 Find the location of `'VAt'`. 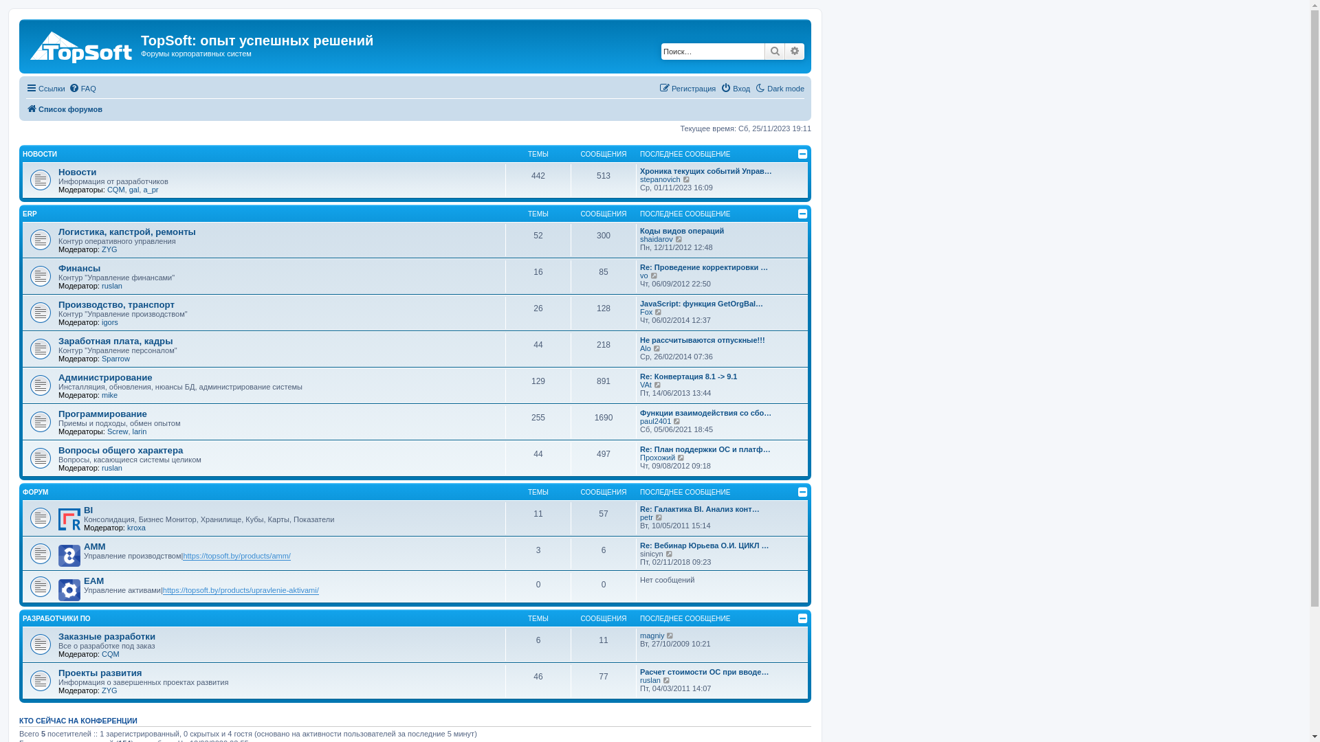

'VAt' is located at coordinates (645, 384).